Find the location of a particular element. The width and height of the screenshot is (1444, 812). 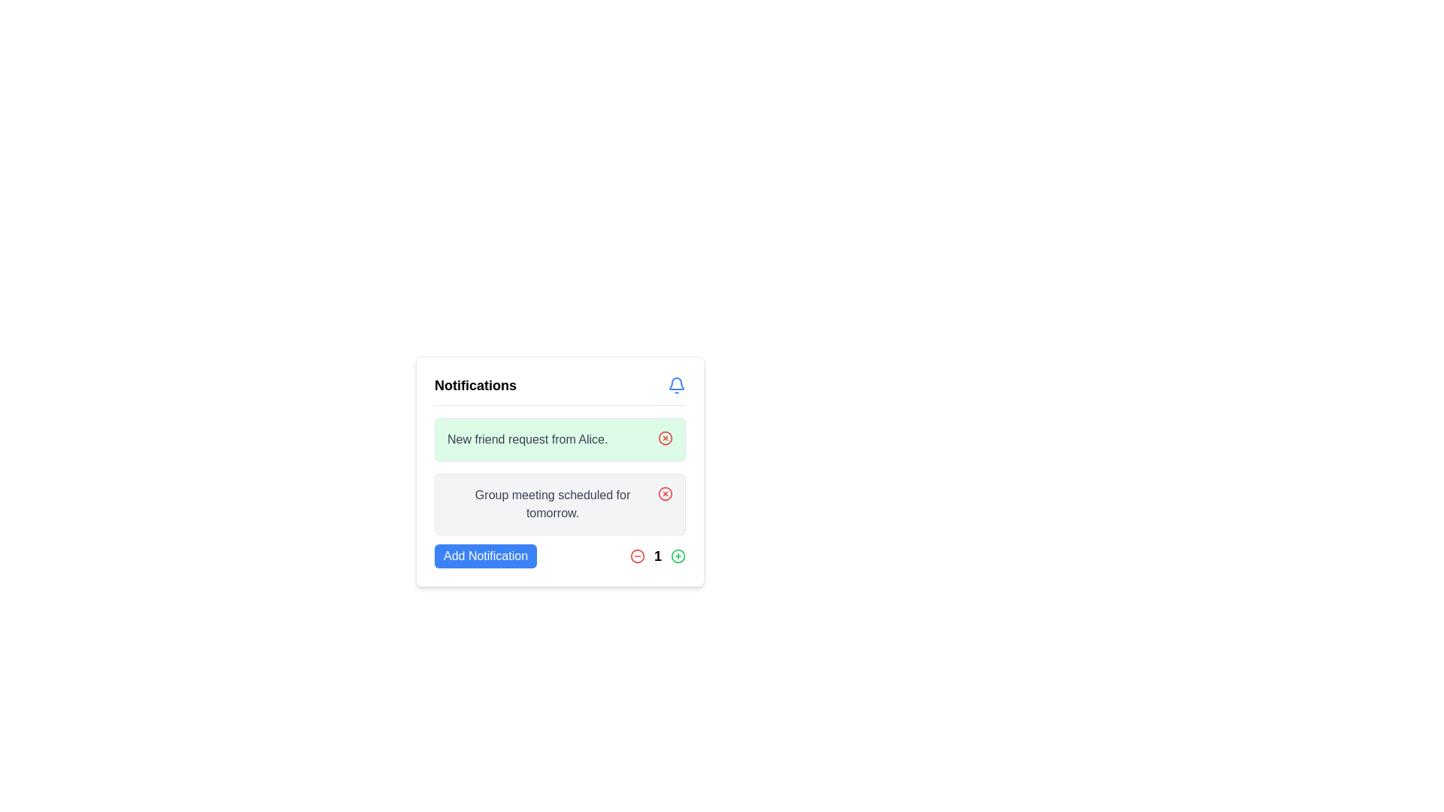

the increment button located at the bottom-right section of the 'Notifications' card UI component to increase the counter is located at coordinates (678, 556).